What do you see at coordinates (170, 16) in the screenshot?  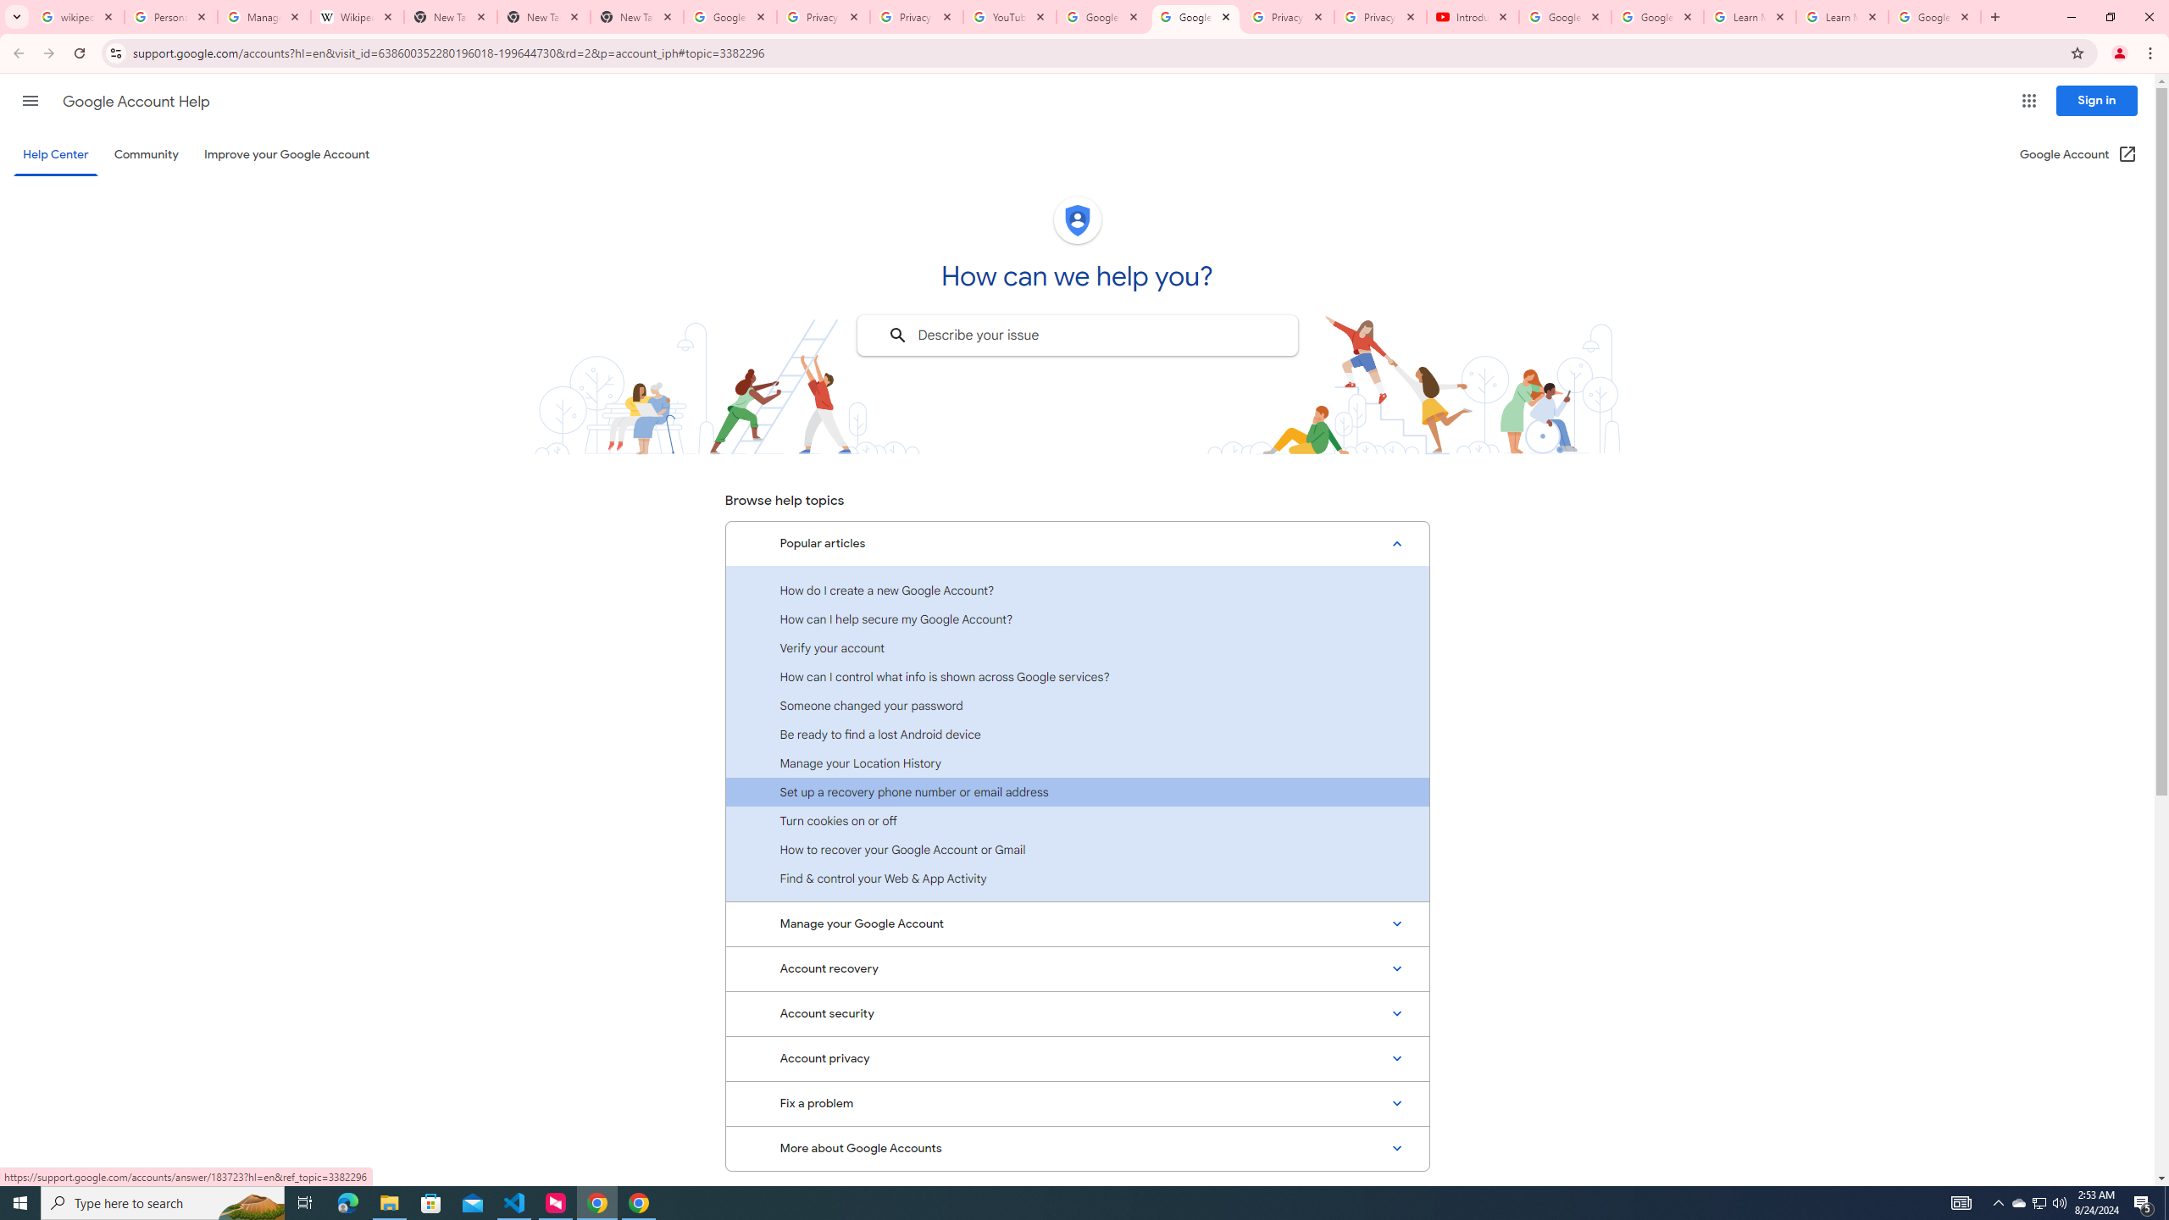 I see `'Personalization & Google Search results - Google Search Help'` at bounding box center [170, 16].